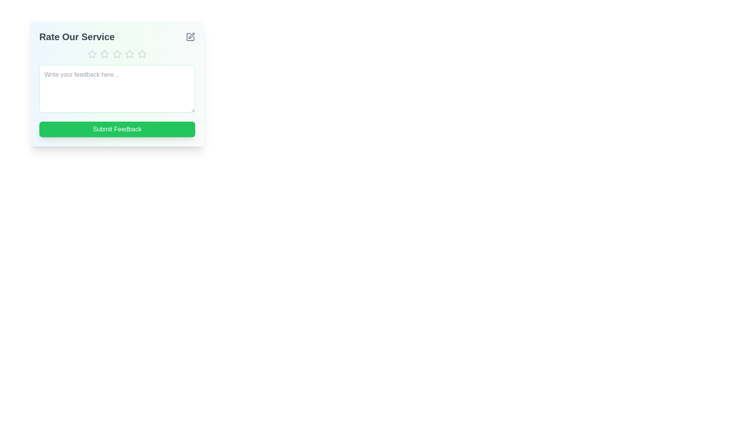 Image resolution: width=748 pixels, height=421 pixels. Describe the element at coordinates (92, 53) in the screenshot. I see `the rating to 1 stars by clicking the corresponding star button` at that location.